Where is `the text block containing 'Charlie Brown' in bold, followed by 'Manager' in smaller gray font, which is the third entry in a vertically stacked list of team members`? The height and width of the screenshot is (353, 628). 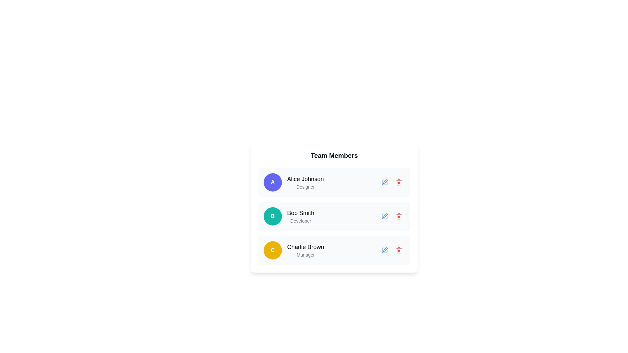
the text block containing 'Charlie Brown' in bold, followed by 'Manager' in smaller gray font, which is the third entry in a vertically stacked list of team members is located at coordinates (305, 250).